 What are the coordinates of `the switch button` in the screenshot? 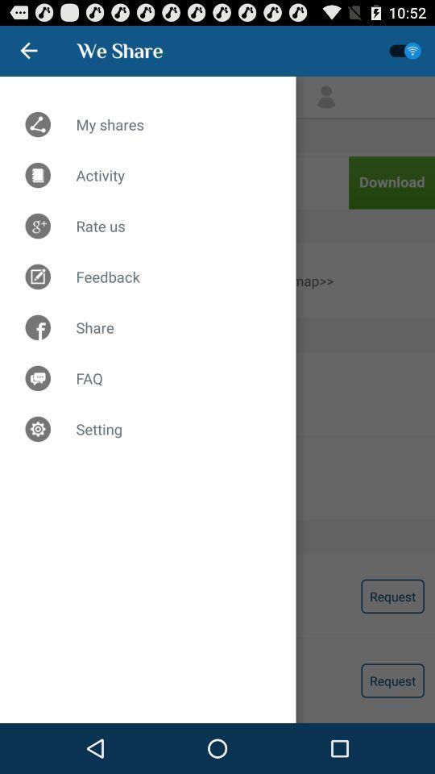 It's located at (404, 51).